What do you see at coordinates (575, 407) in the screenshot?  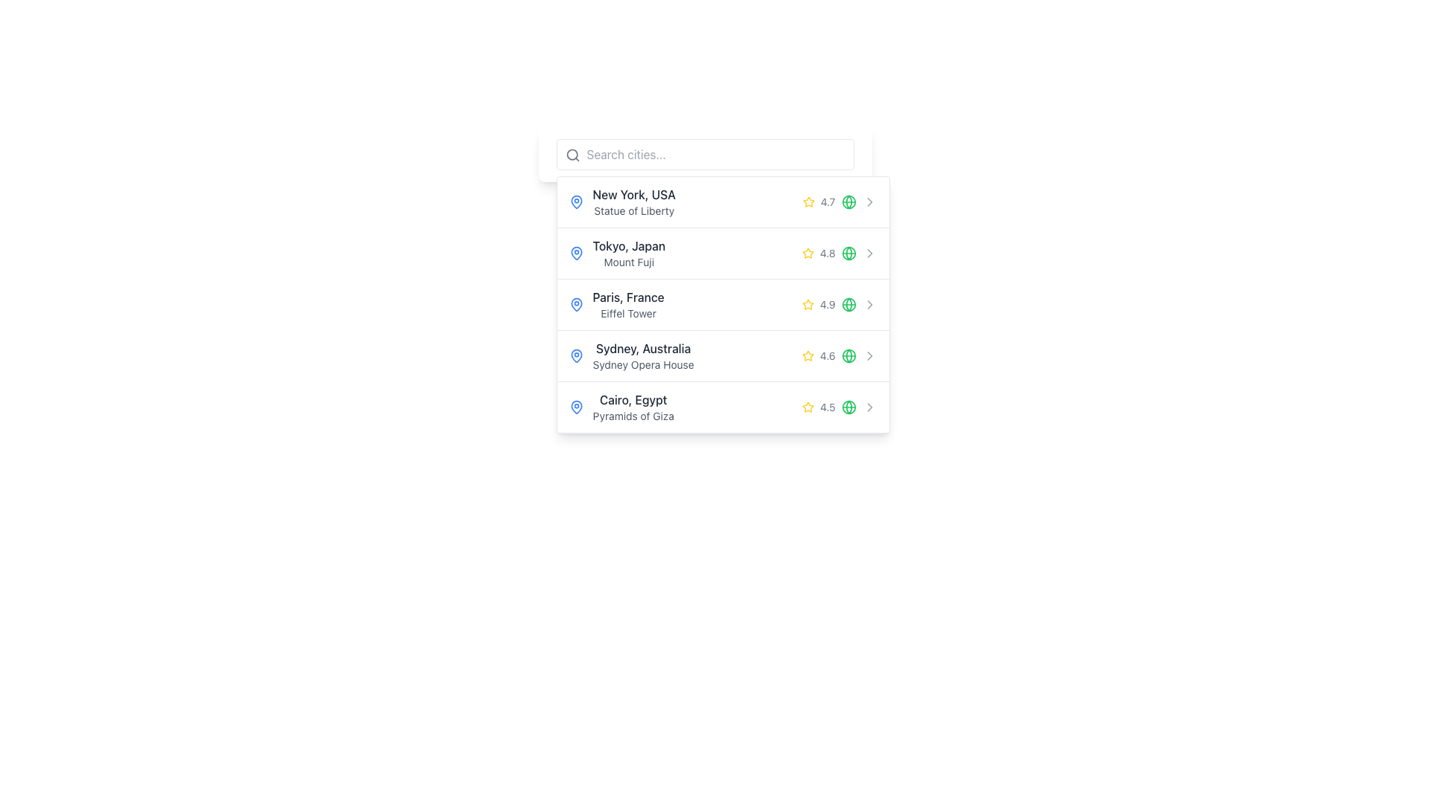 I see `the blue map pin icon located in the last row next to the text 'Cairo, Egypt' and 'Pyramids of Giza'` at bounding box center [575, 407].